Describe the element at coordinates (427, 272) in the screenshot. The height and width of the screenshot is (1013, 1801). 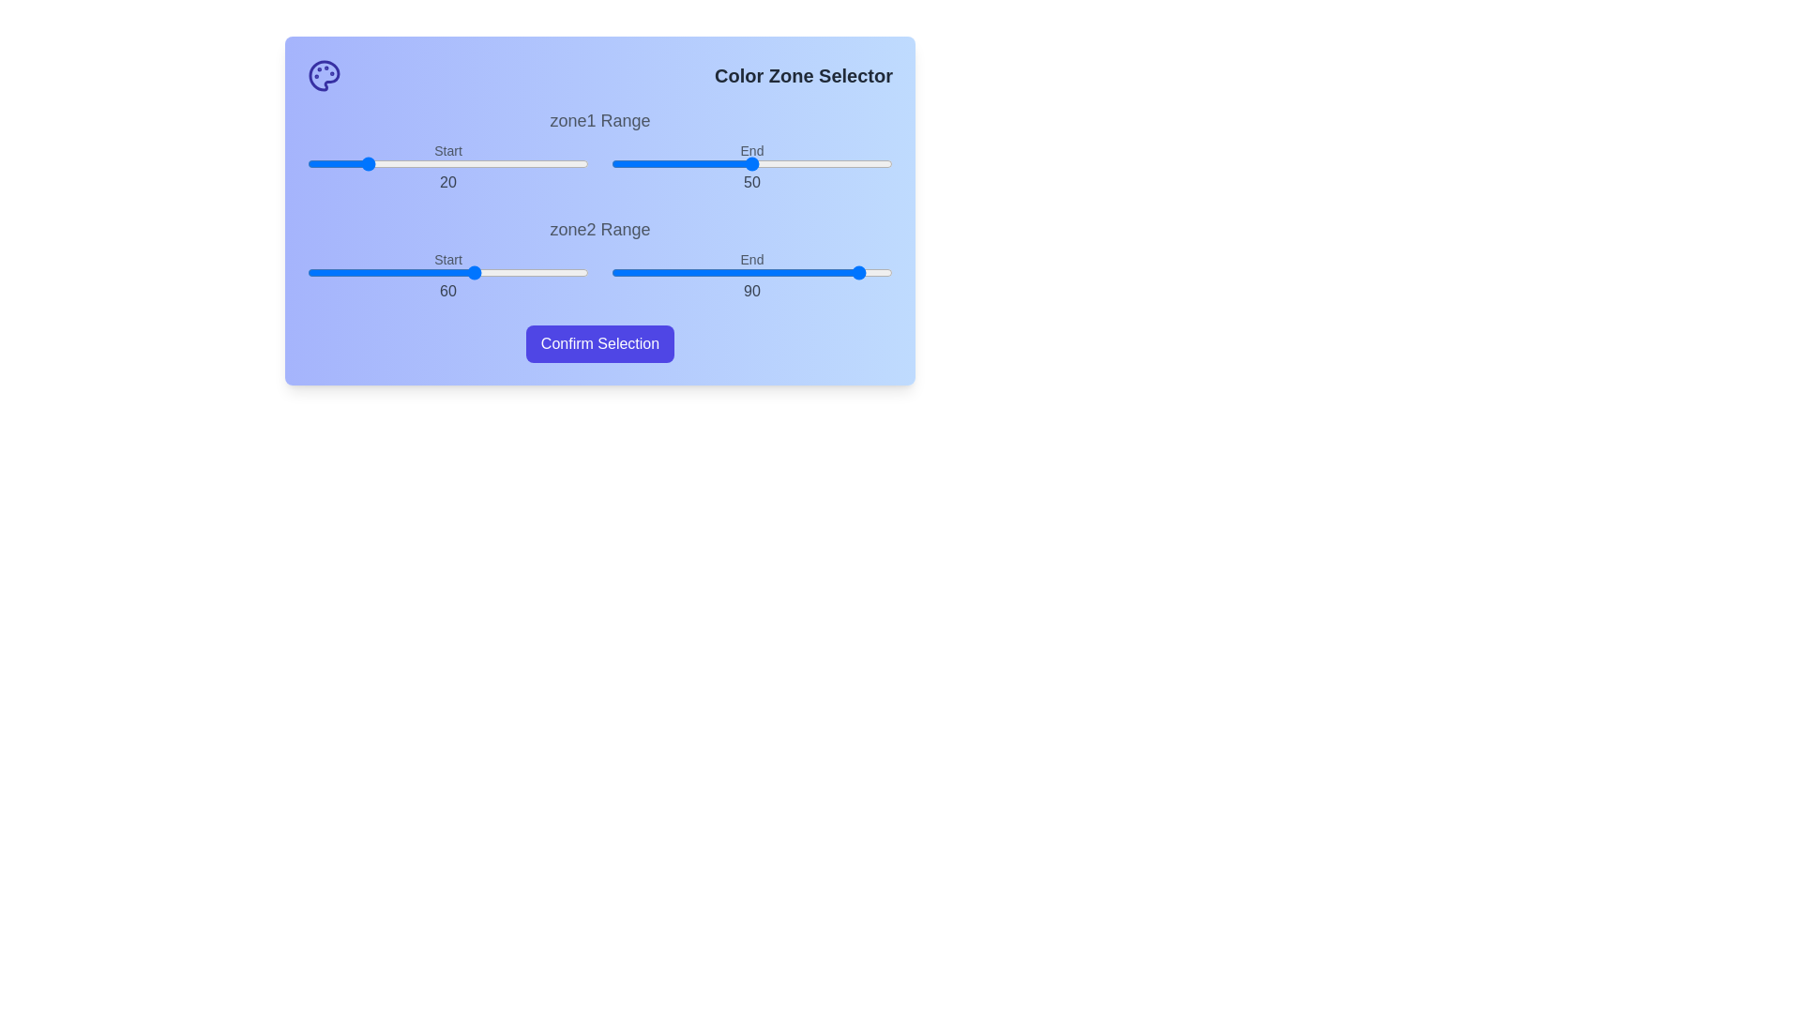
I see `the start range slider for zone2 to 43` at that location.